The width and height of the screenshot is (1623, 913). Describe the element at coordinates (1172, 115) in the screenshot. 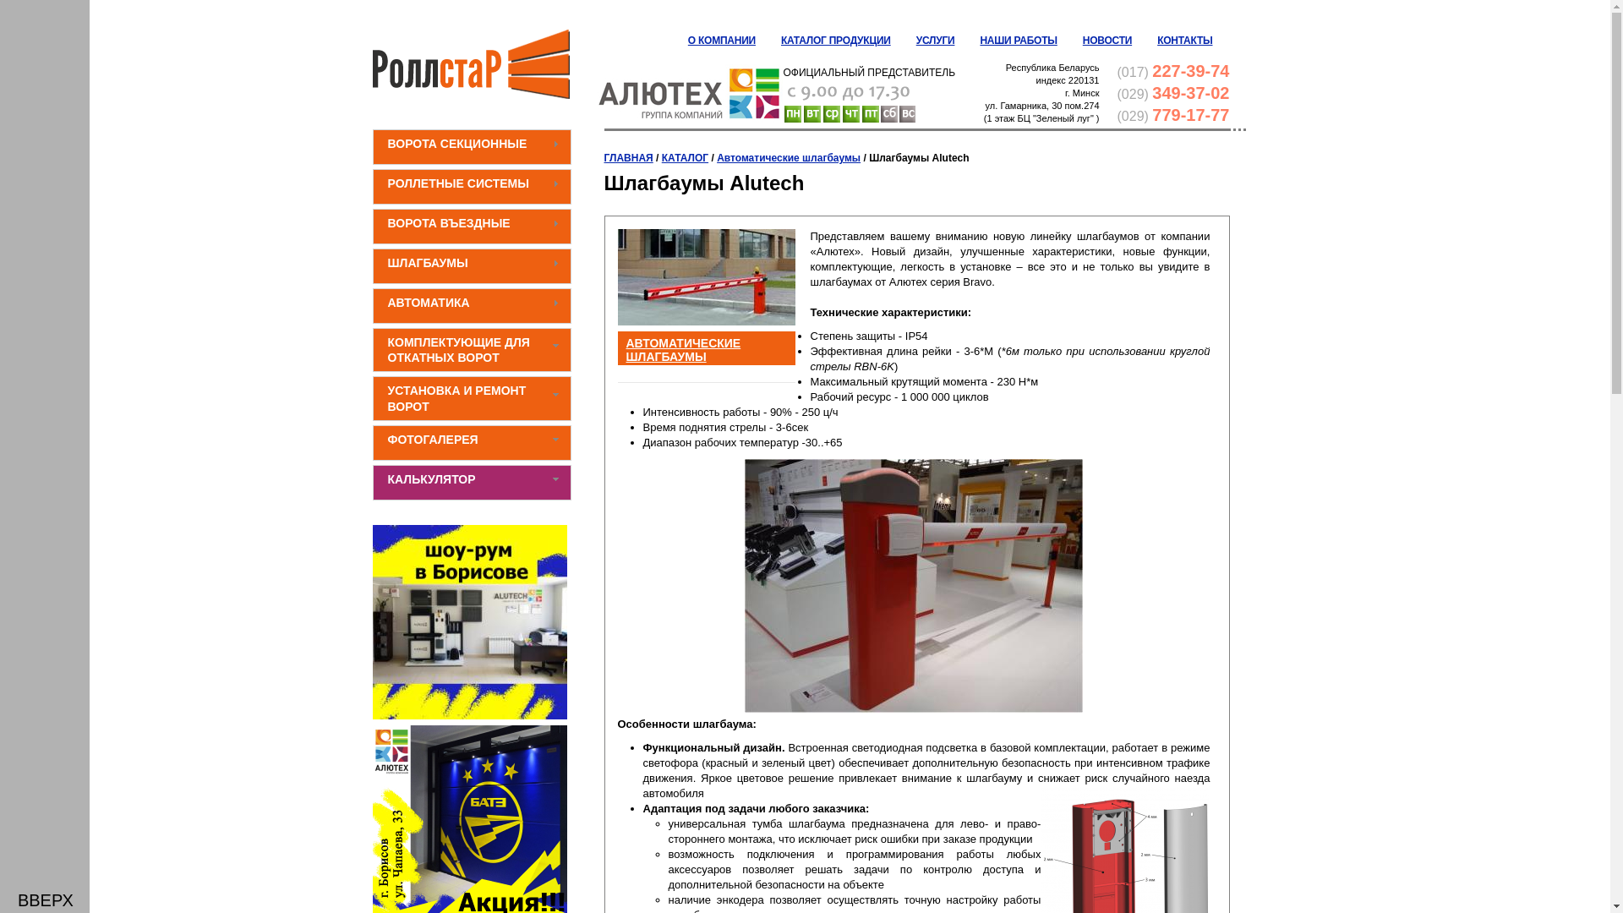

I see `'(029) 779-17-77'` at that location.